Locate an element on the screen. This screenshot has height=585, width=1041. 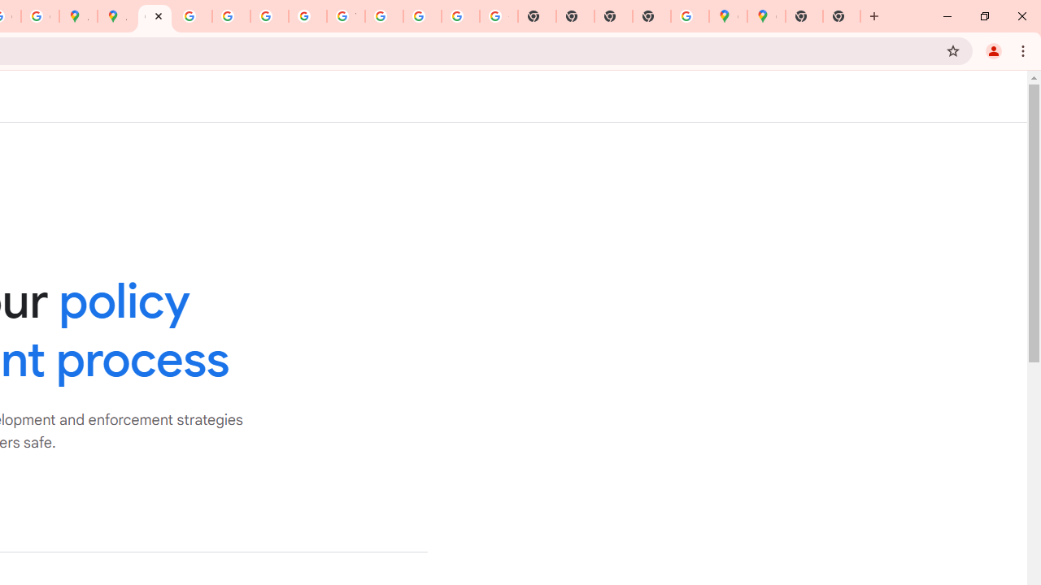
'YouTube' is located at coordinates (345, 16).